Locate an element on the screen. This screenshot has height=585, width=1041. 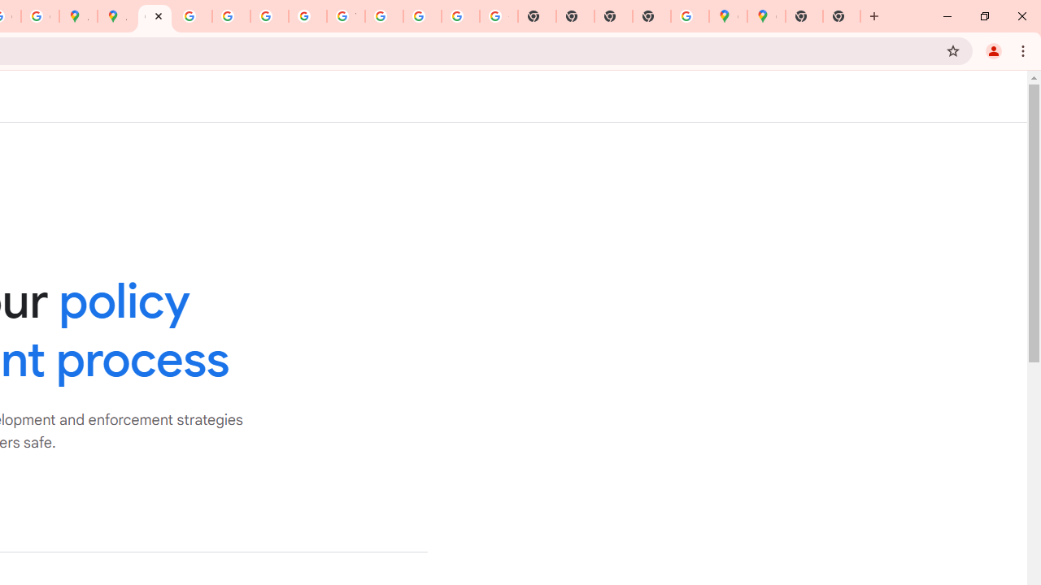
'YouTube' is located at coordinates (345, 16).